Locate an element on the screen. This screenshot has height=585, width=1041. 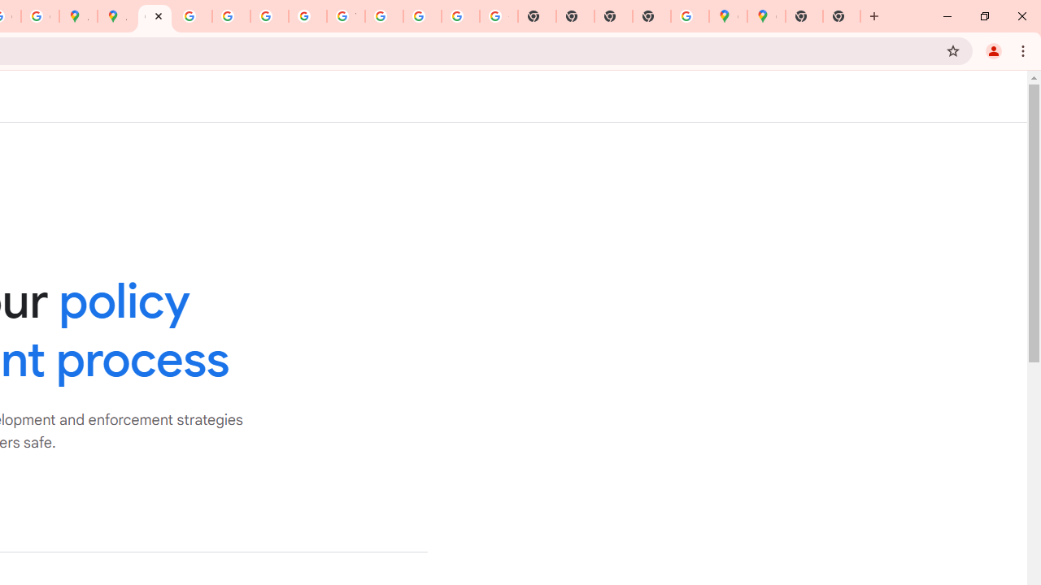
'YouTube' is located at coordinates (345, 16).